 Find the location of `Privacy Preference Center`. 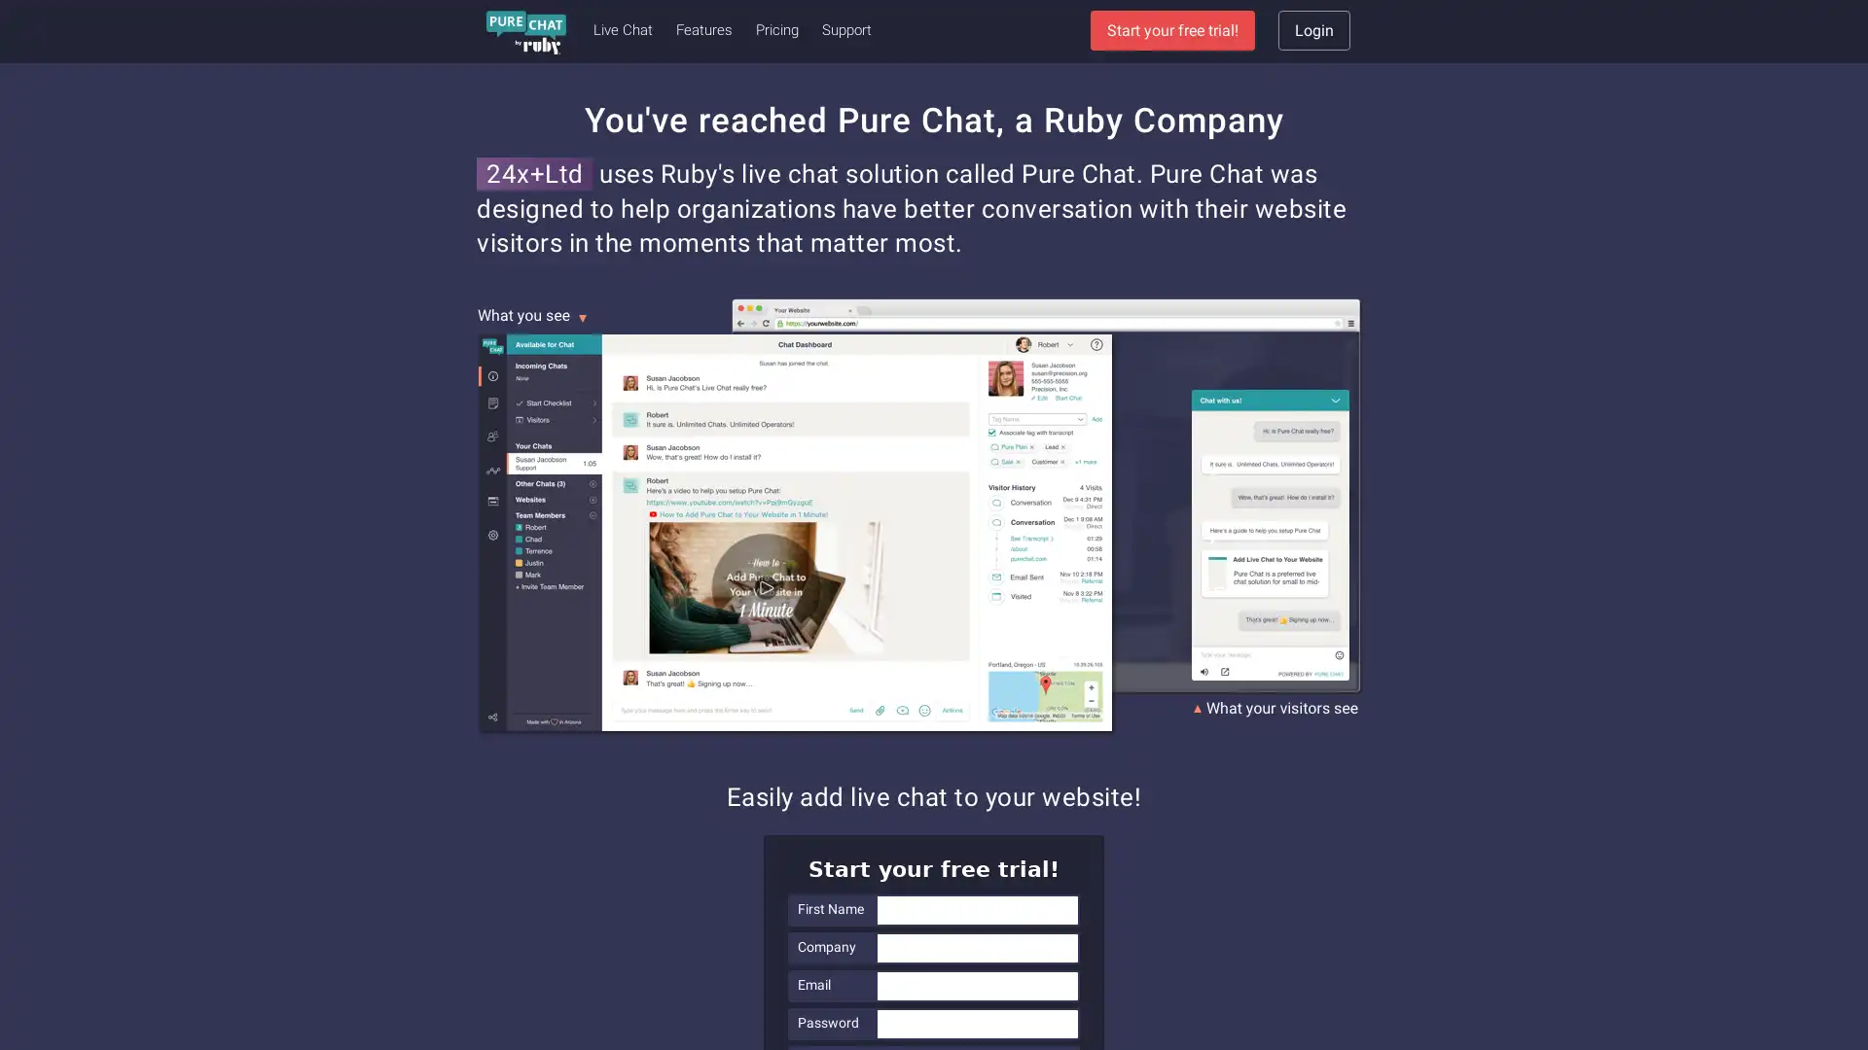

Privacy Preference Center is located at coordinates (646, 968).